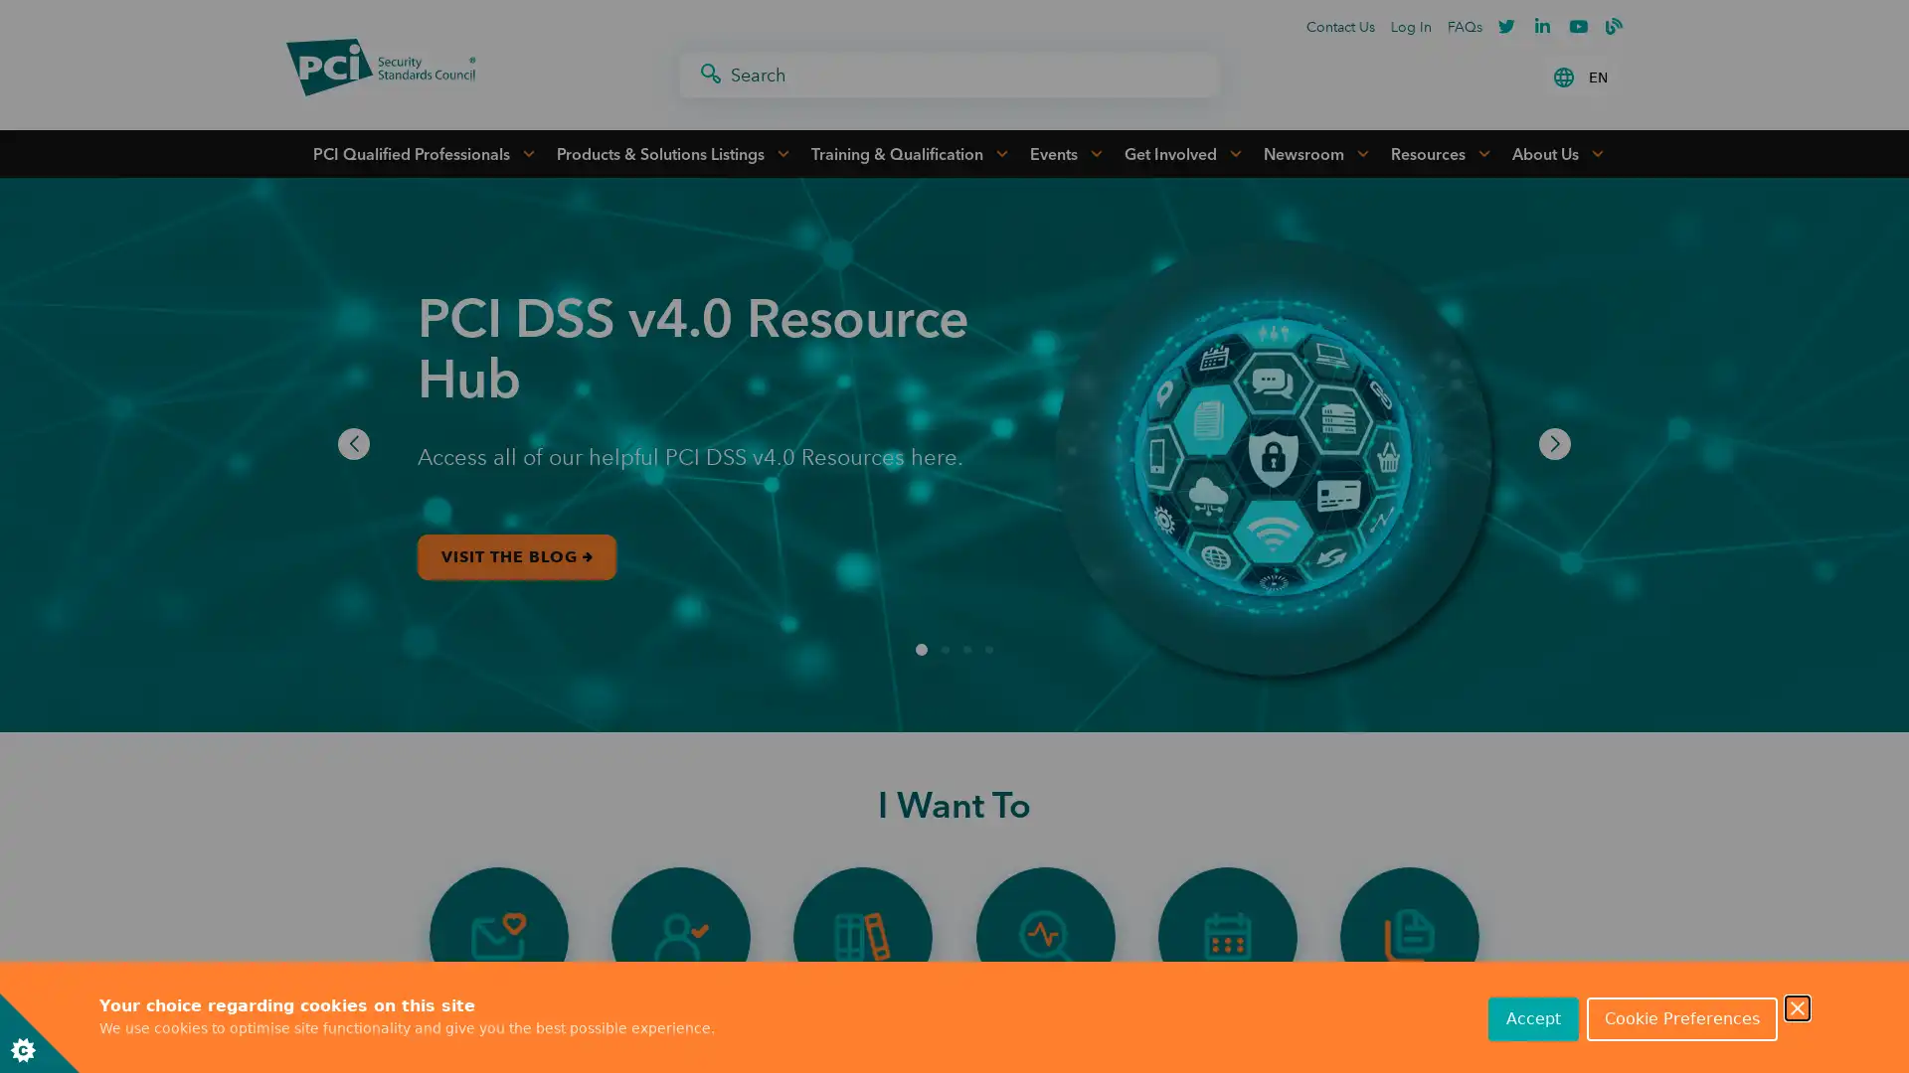  I want to click on PCI Blogger Profile, so click(1614, 25).